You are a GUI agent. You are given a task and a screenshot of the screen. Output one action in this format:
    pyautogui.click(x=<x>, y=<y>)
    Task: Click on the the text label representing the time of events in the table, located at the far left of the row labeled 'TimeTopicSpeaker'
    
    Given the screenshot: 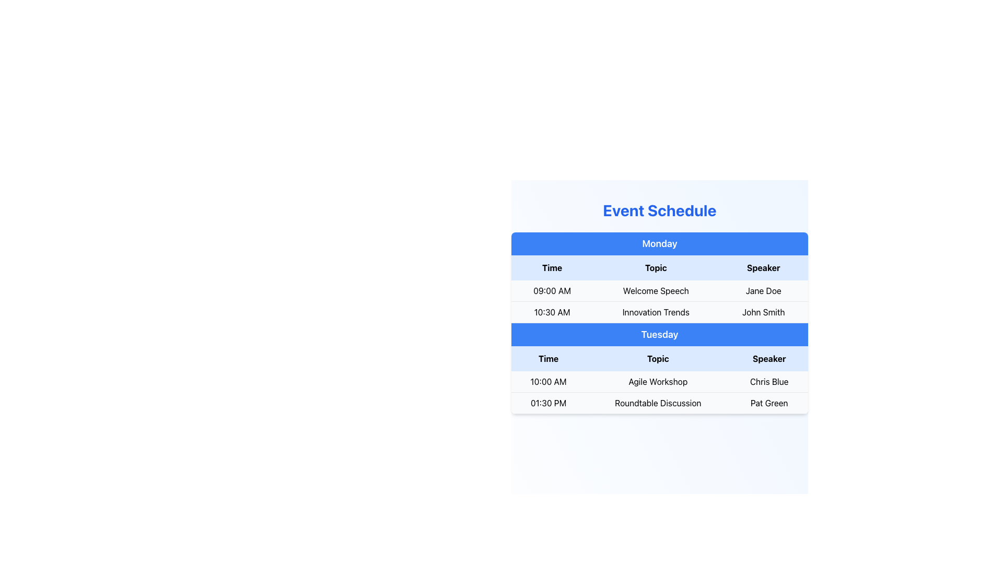 What is the action you would take?
    pyautogui.click(x=552, y=267)
    